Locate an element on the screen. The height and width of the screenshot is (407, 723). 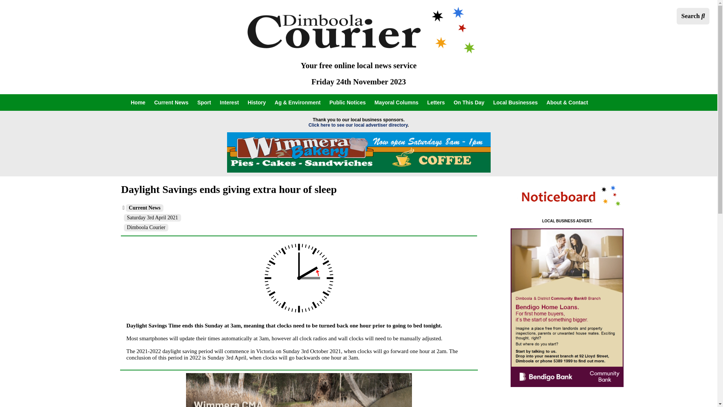
'Search' is located at coordinates (693, 16).